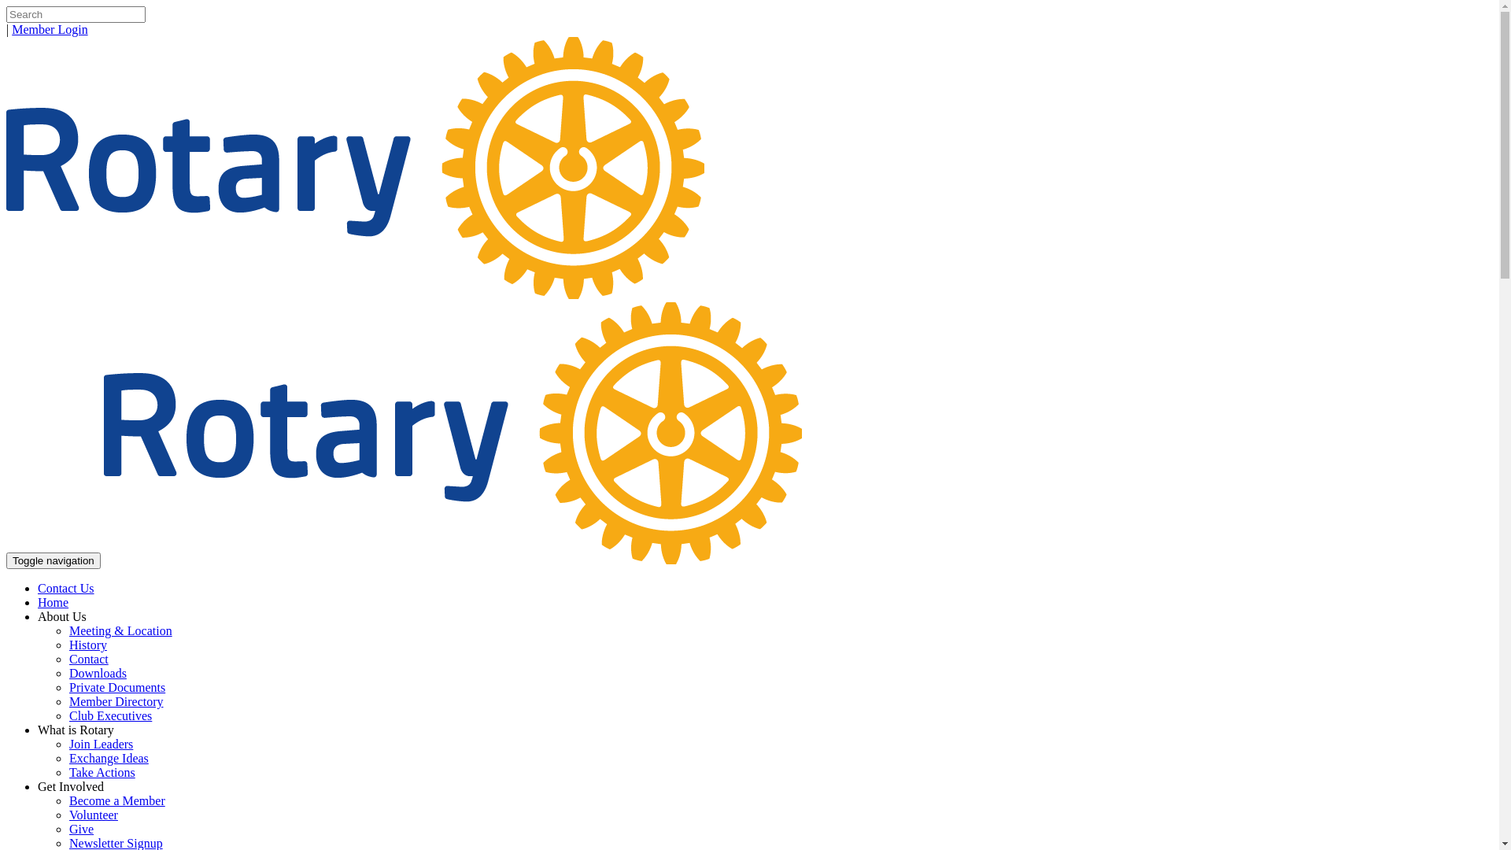 Image resolution: width=1511 pixels, height=850 pixels. Describe the element at coordinates (38, 786) in the screenshot. I see `'Get Involved'` at that location.